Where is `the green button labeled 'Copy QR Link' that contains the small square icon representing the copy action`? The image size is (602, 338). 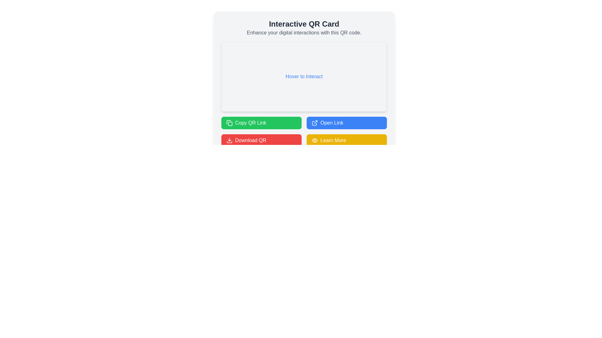
the green button labeled 'Copy QR Link' that contains the small square icon representing the copy action is located at coordinates (229, 123).